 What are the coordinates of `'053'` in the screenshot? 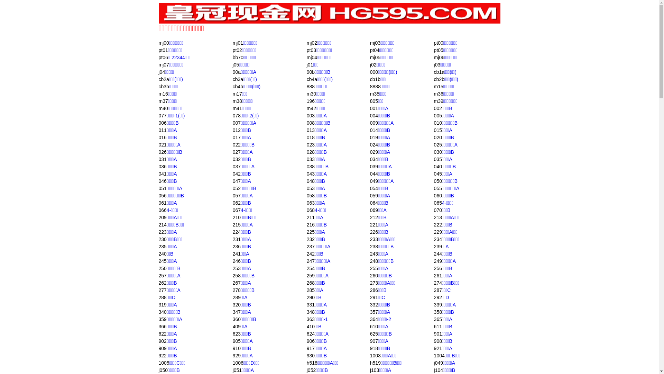 It's located at (310, 188).